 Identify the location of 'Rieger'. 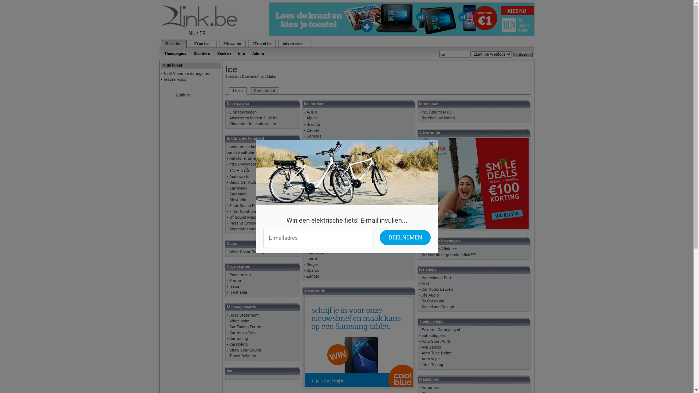
(312, 265).